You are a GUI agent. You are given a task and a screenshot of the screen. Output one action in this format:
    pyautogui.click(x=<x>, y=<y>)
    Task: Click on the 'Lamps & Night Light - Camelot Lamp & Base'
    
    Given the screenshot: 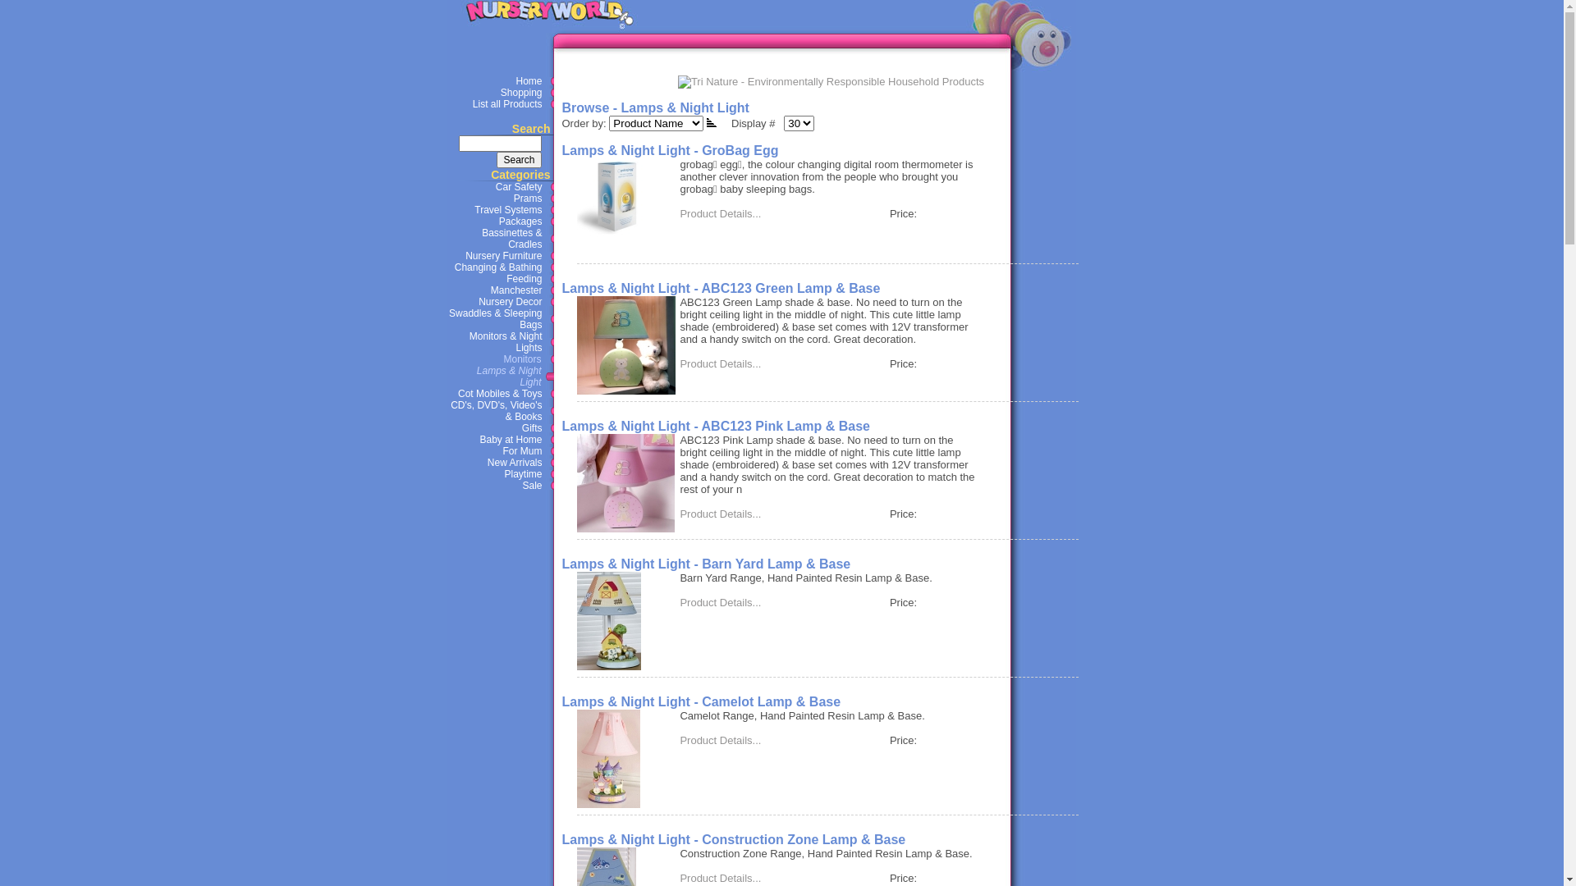 What is the action you would take?
    pyautogui.click(x=701, y=701)
    